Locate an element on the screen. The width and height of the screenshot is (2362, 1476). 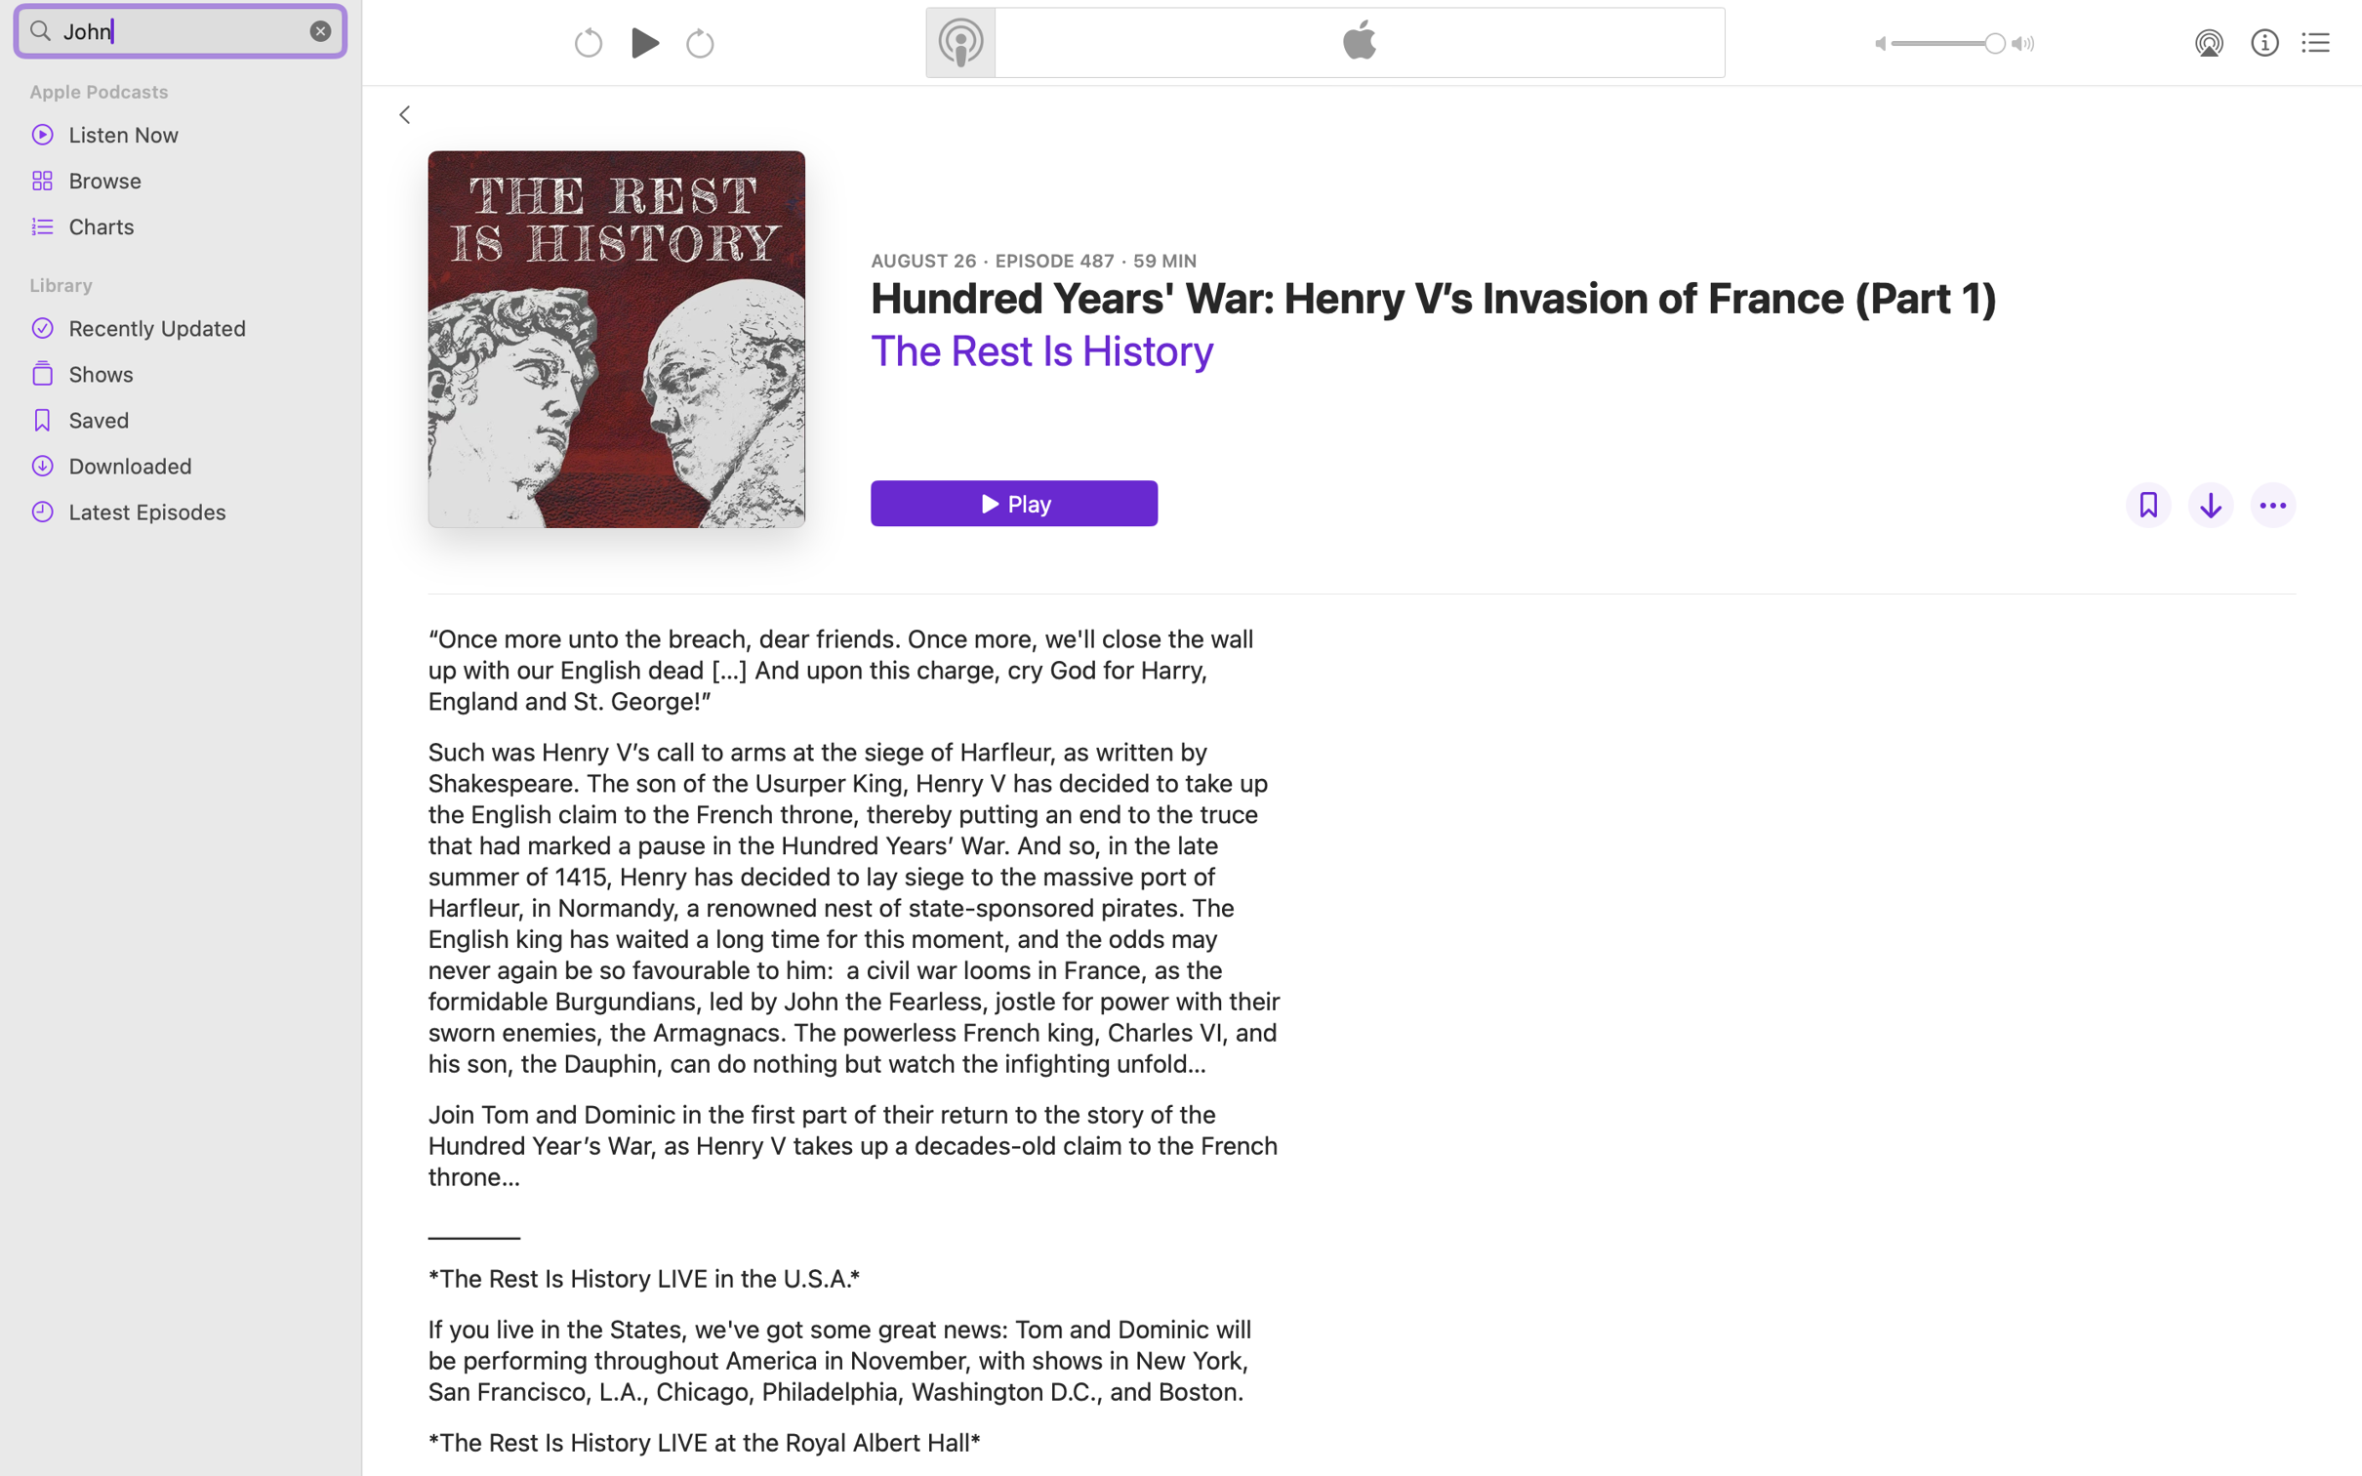
'1.0' is located at coordinates (1948, 43).